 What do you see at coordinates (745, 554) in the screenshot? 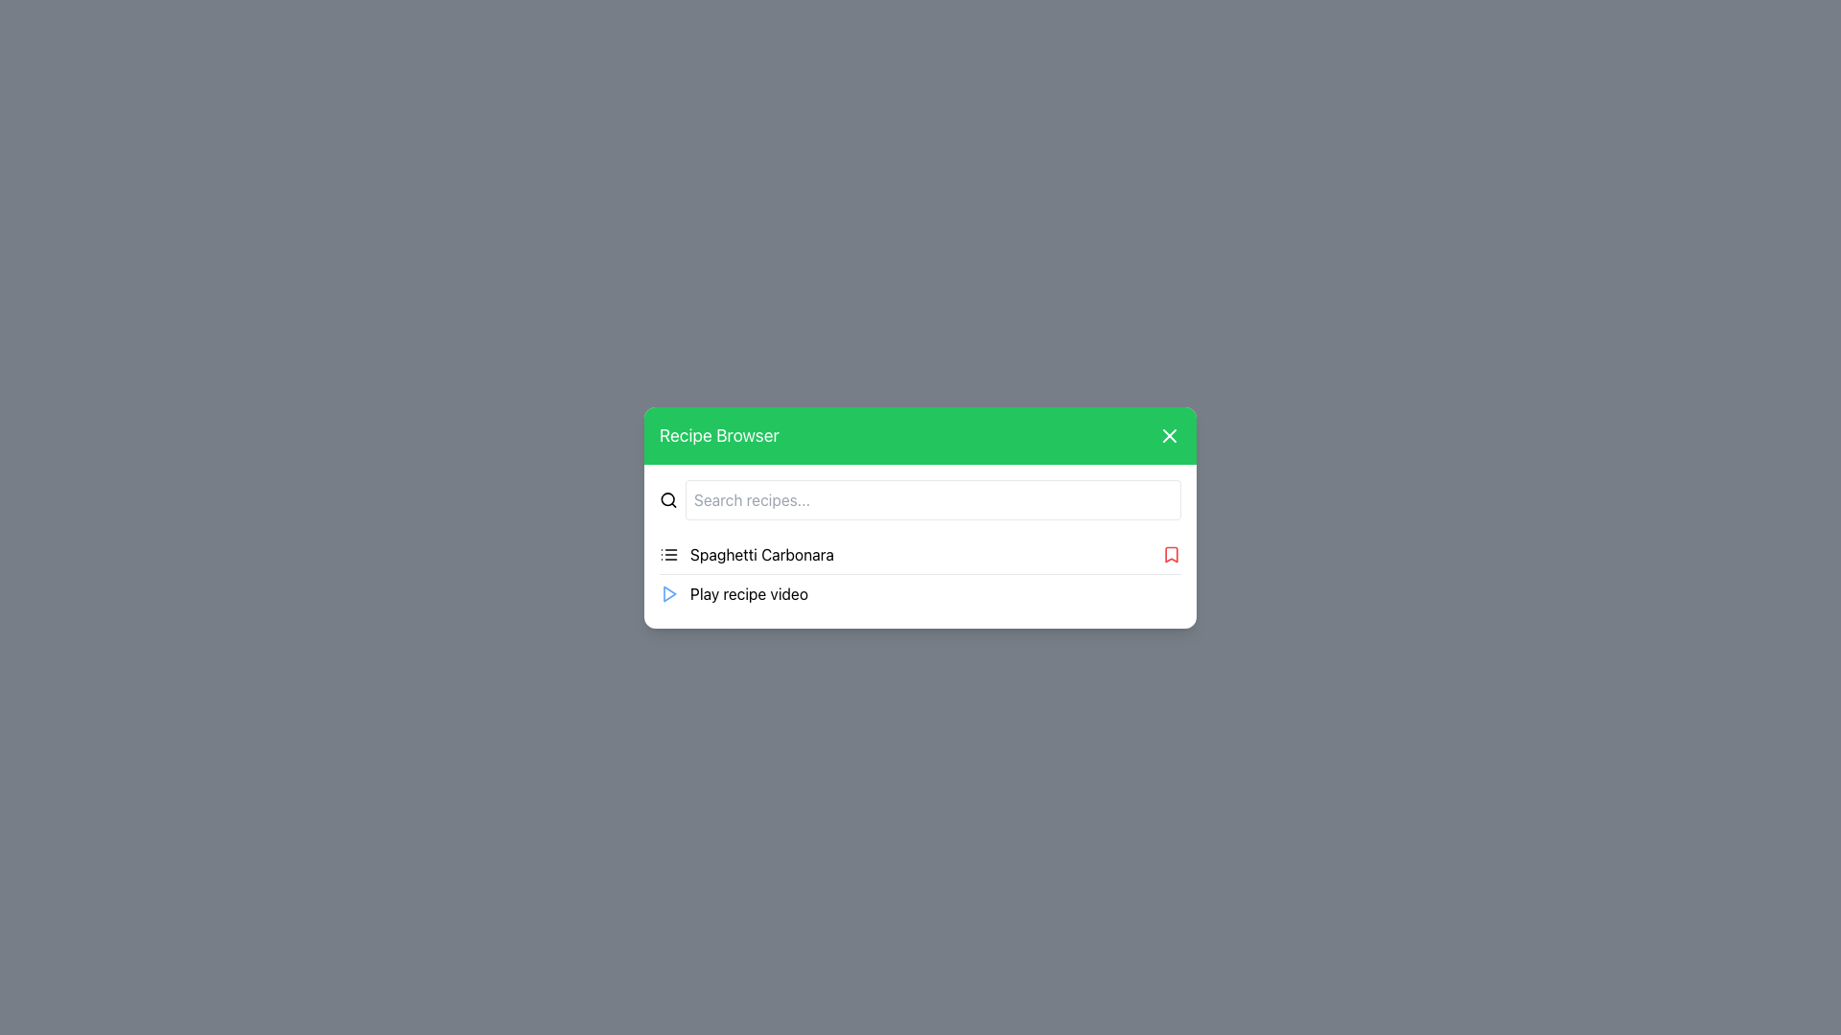
I see `the text label for 'Spaghetti Carbonara', which serves as an identifier for a list item and may reveal further details` at bounding box center [745, 554].